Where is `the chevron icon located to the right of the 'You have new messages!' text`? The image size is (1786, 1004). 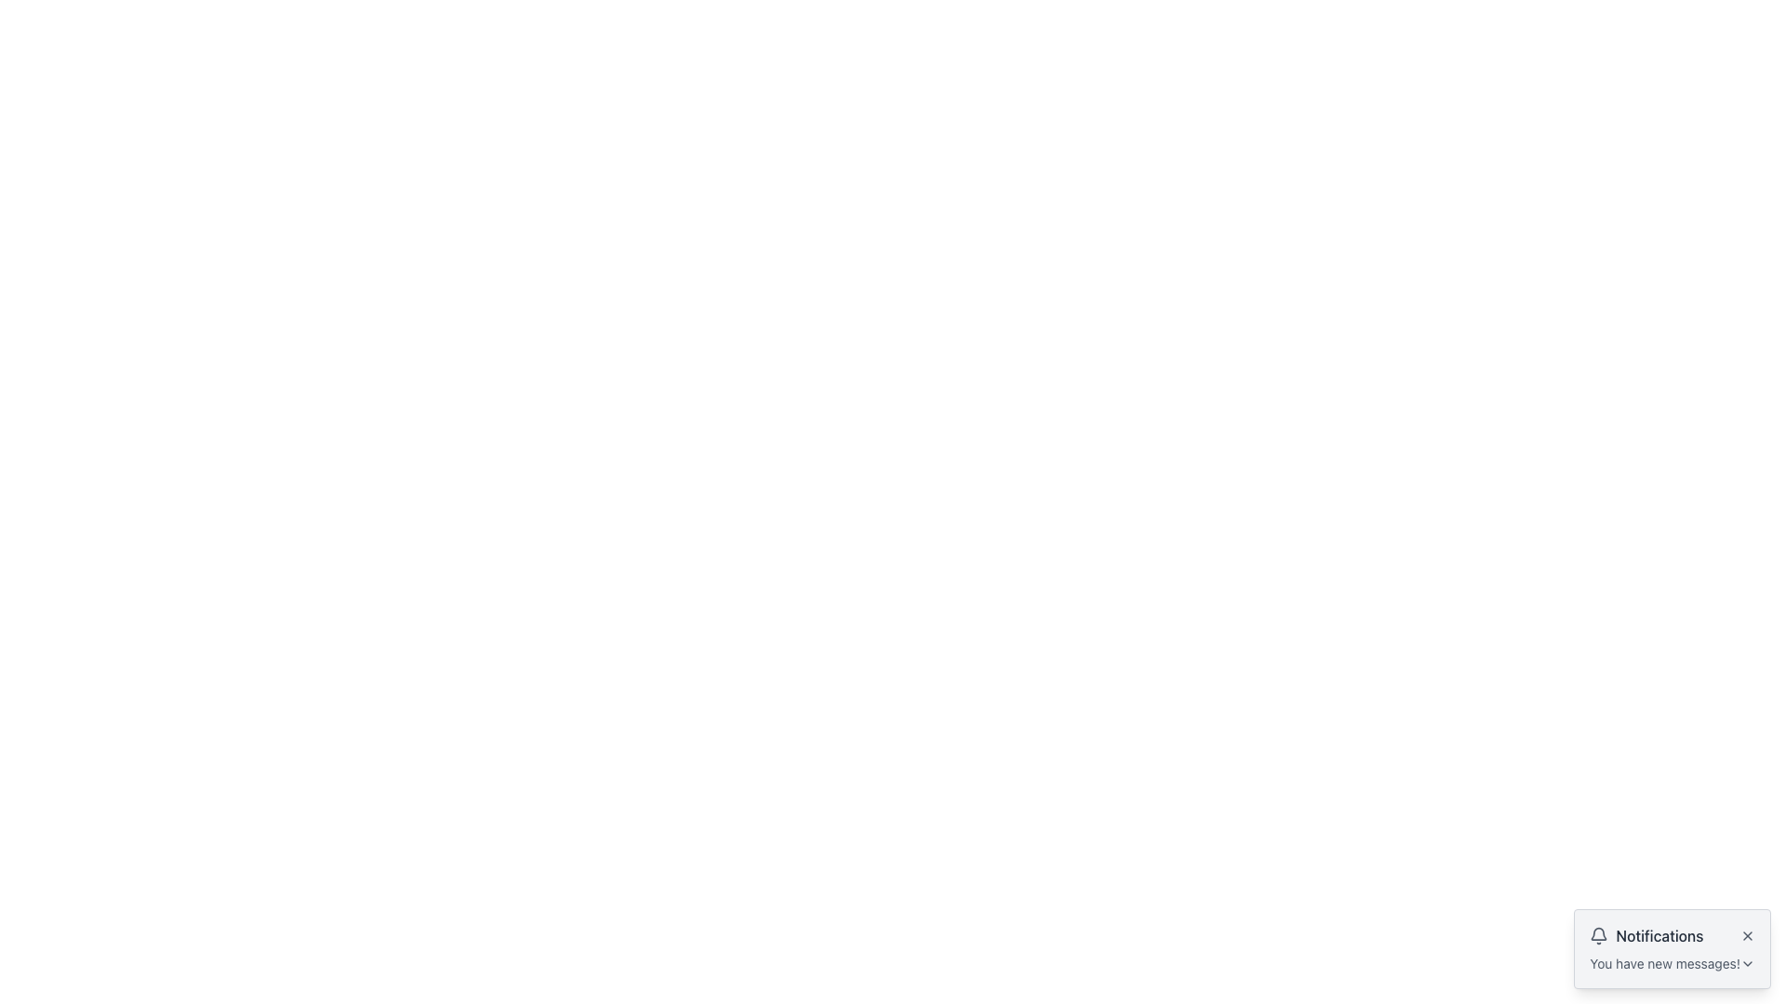 the chevron icon located to the right of the 'You have new messages!' text is located at coordinates (1746, 963).